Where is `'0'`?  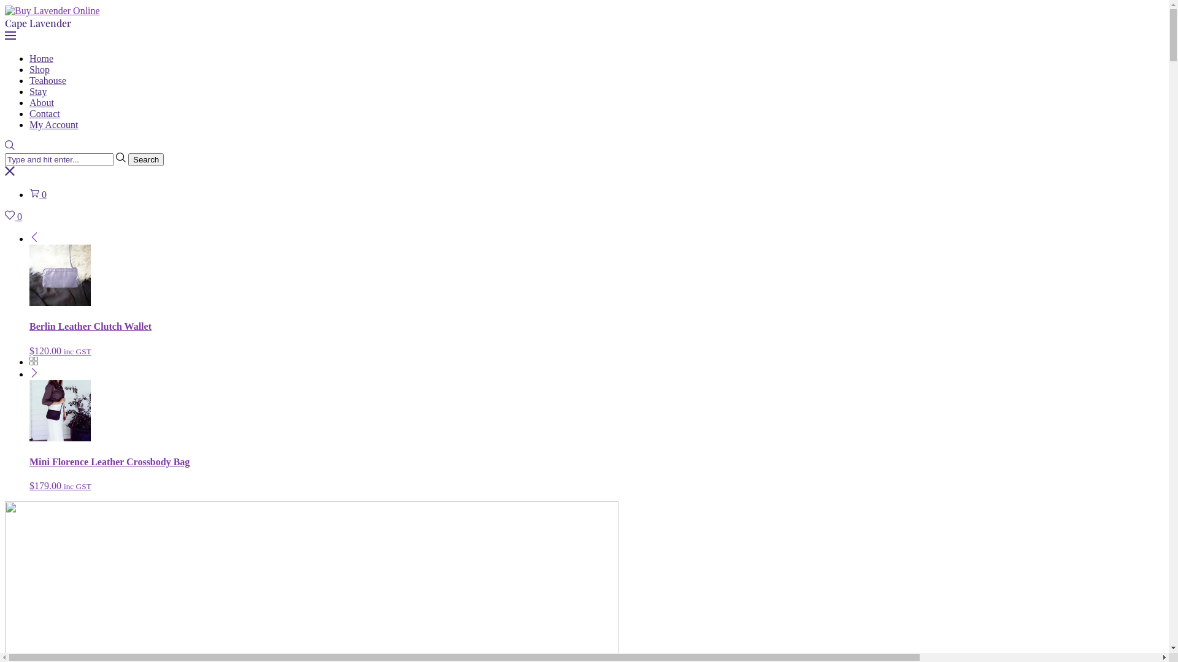
'0' is located at coordinates (13, 216).